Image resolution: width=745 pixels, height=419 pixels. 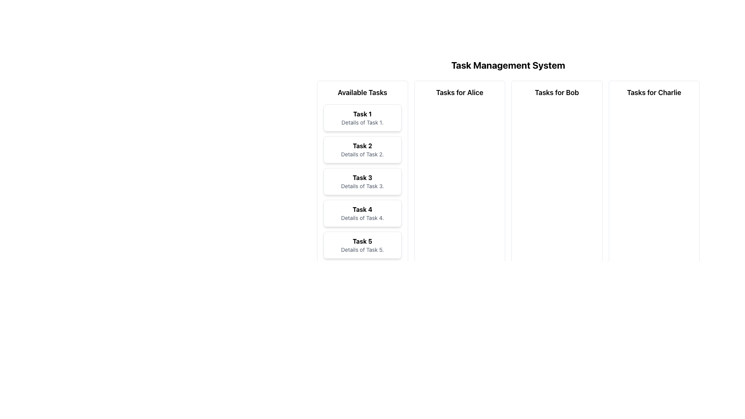 I want to click on the bold styling of the Text Label located at the top of the third card in the 'Available Tasks' column, above the description text 'Details of Task 3', so click(x=362, y=178).